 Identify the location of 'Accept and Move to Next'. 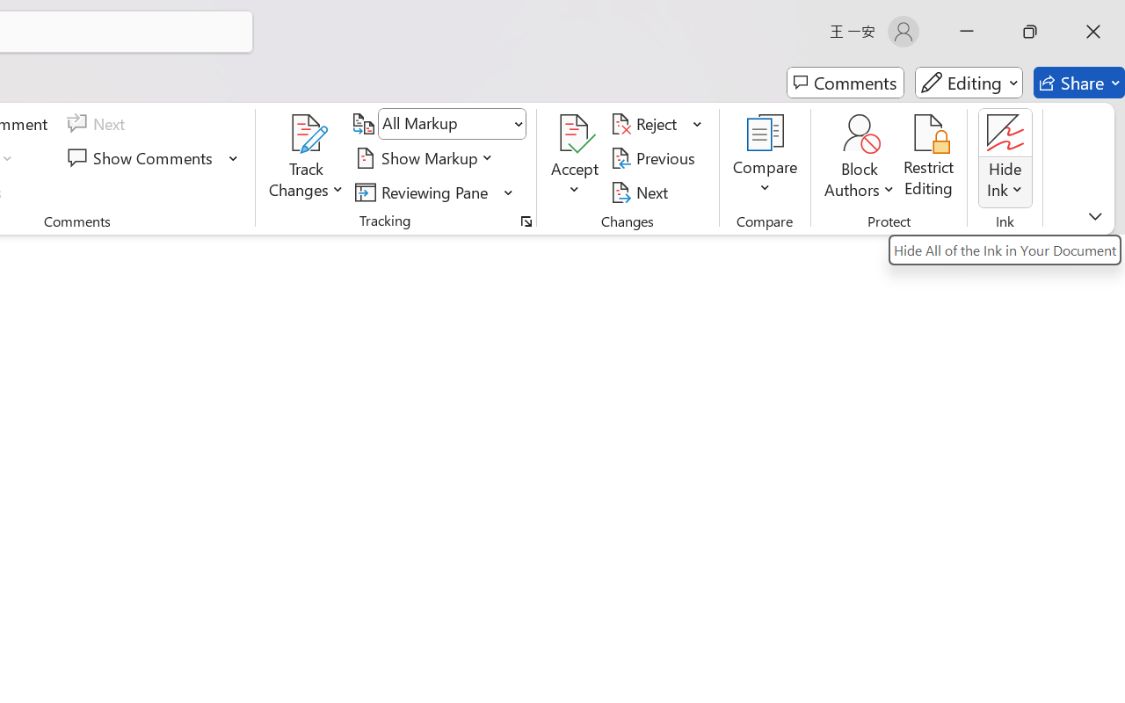
(575, 133).